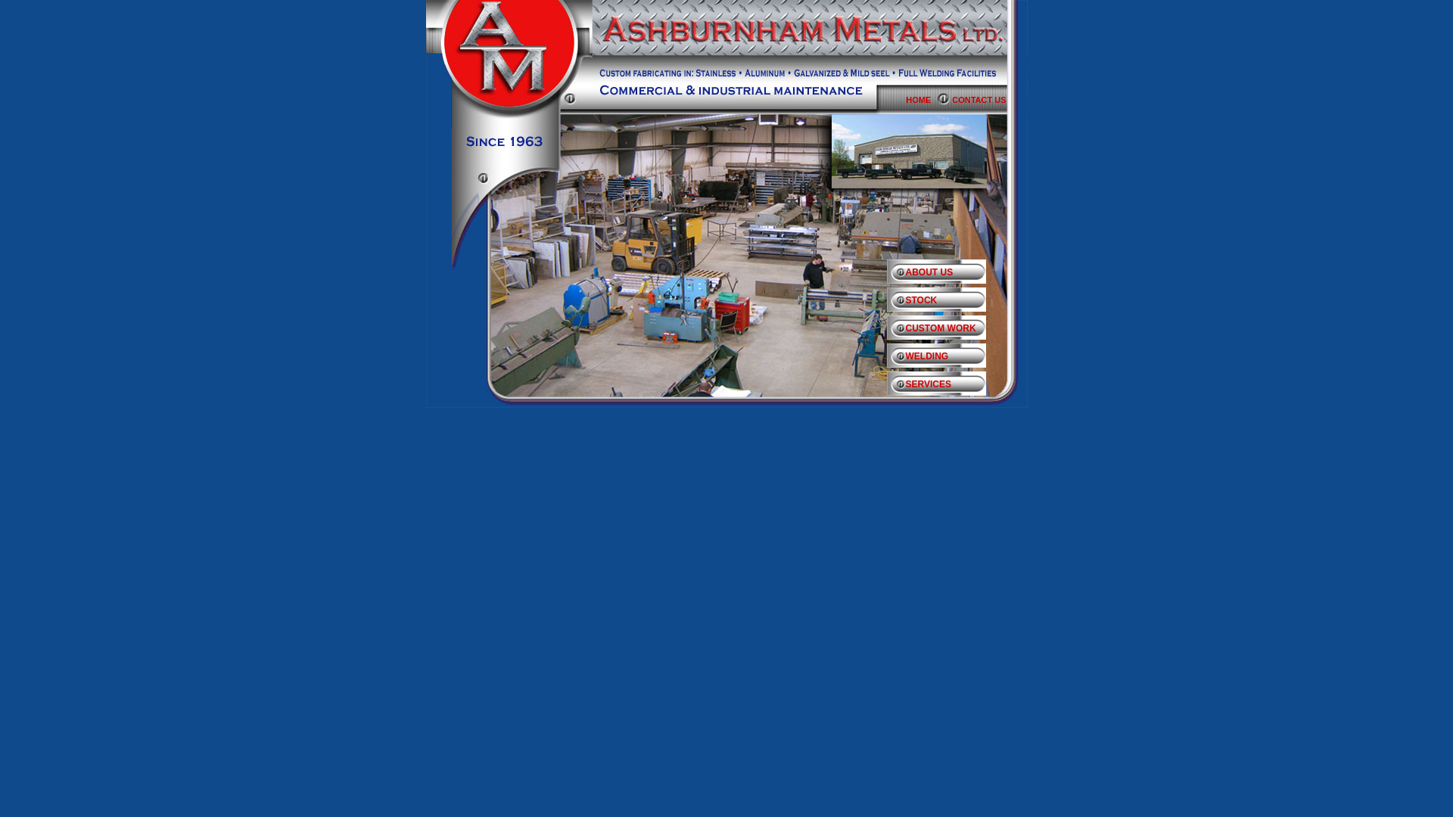  I want to click on 'CONTACT US', so click(989, 99).